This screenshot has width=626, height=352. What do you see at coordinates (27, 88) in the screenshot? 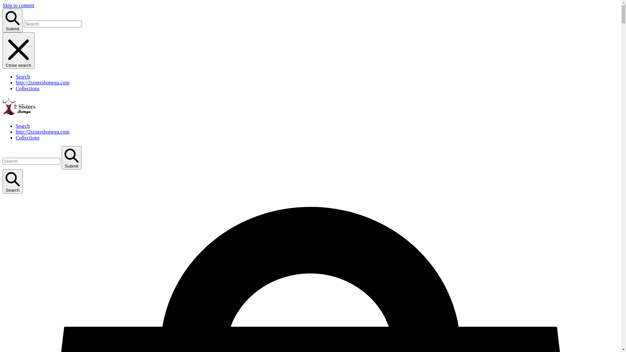
I see `'Collections'` at bounding box center [27, 88].